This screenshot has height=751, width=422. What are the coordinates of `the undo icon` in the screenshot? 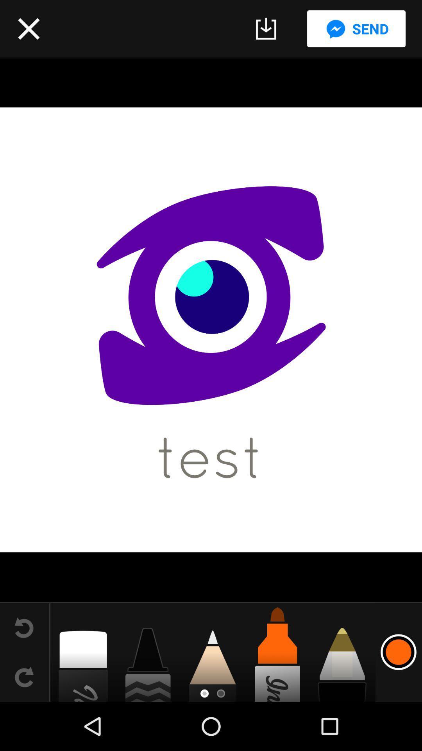 It's located at (24, 627).